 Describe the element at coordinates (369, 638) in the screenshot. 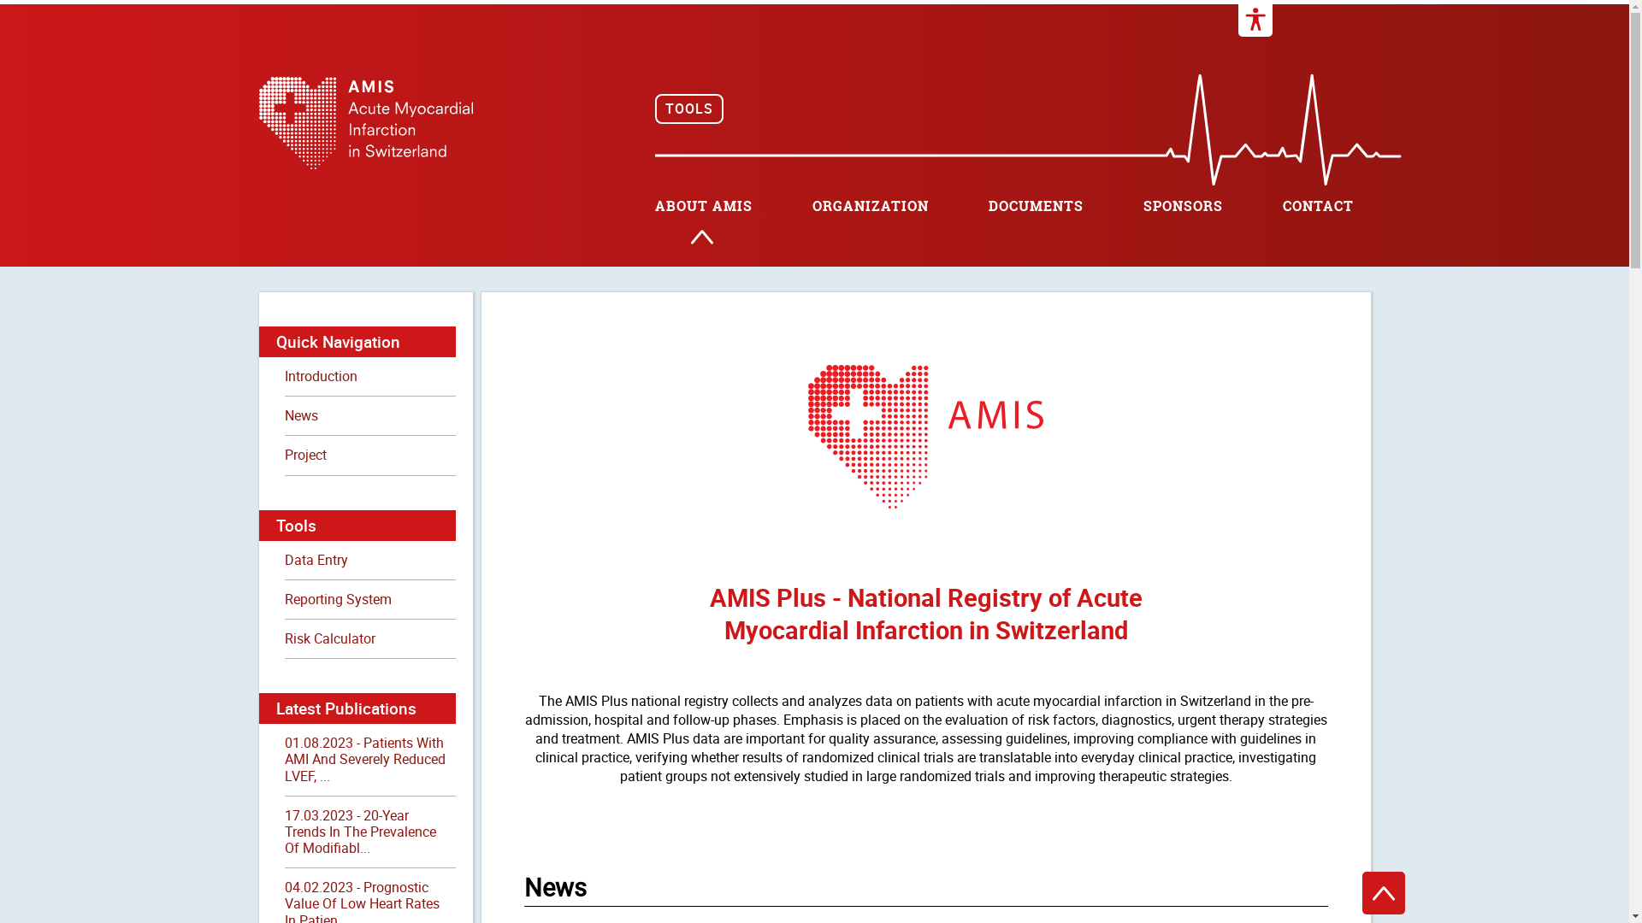

I see `'Risk Calculator'` at that location.